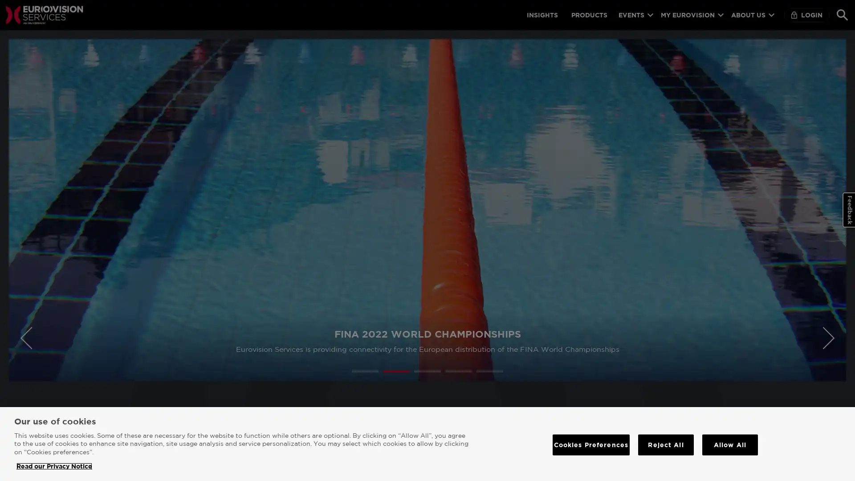 This screenshot has width=855, height=481. What do you see at coordinates (489, 371) in the screenshot?
I see `Carousel Page 5` at bounding box center [489, 371].